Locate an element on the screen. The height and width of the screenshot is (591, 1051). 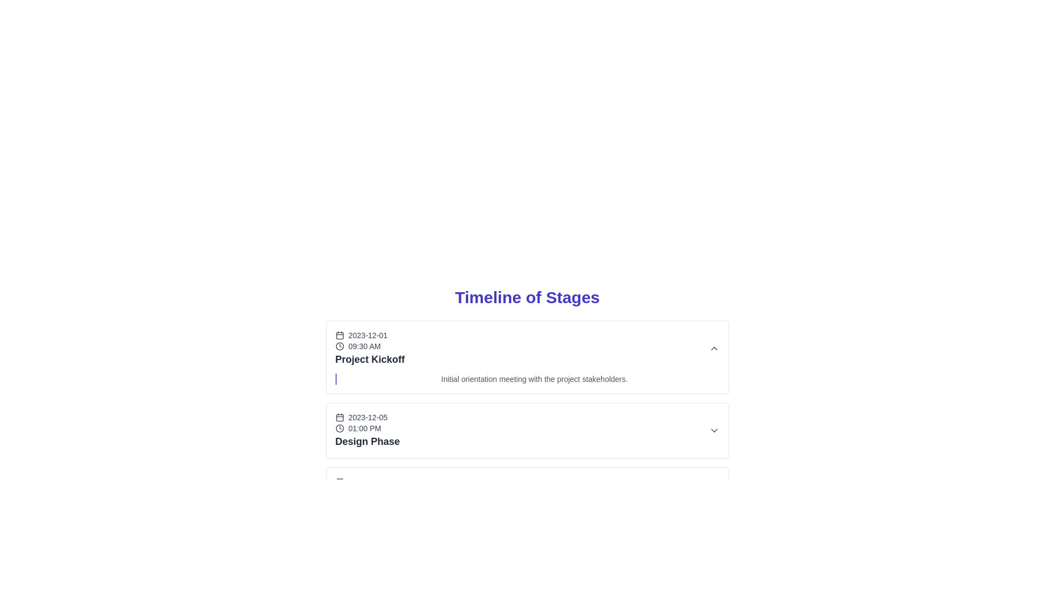
the clock icon located to the left of the '01:00 PM' timeline entry, which visually indicates the time associated with this entry is located at coordinates (339, 428).